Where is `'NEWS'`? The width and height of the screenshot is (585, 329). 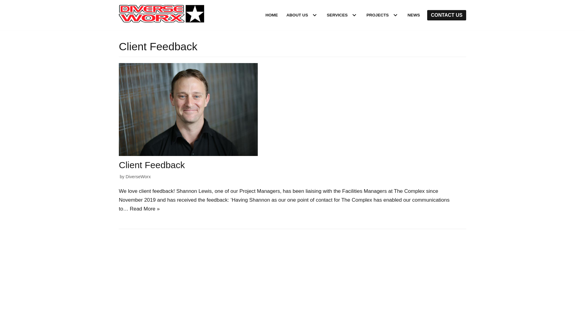
'NEWS' is located at coordinates (408, 15).